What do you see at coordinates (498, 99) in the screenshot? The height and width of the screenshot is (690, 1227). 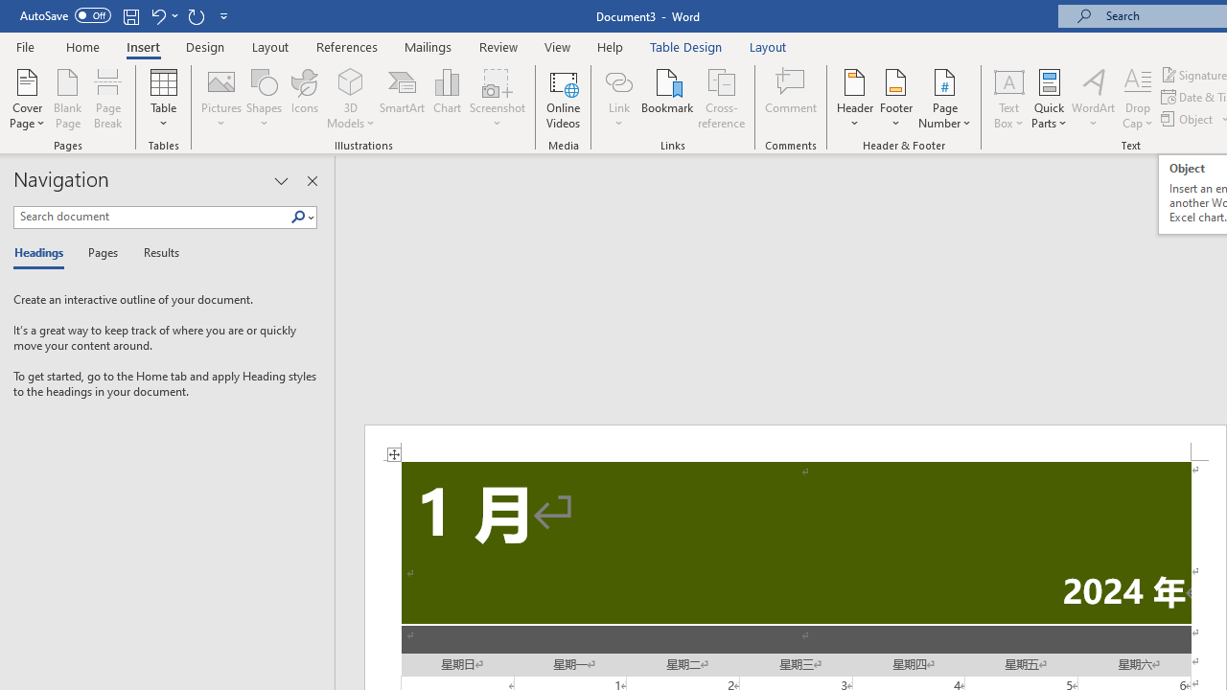 I see `'Screenshot'` at bounding box center [498, 99].